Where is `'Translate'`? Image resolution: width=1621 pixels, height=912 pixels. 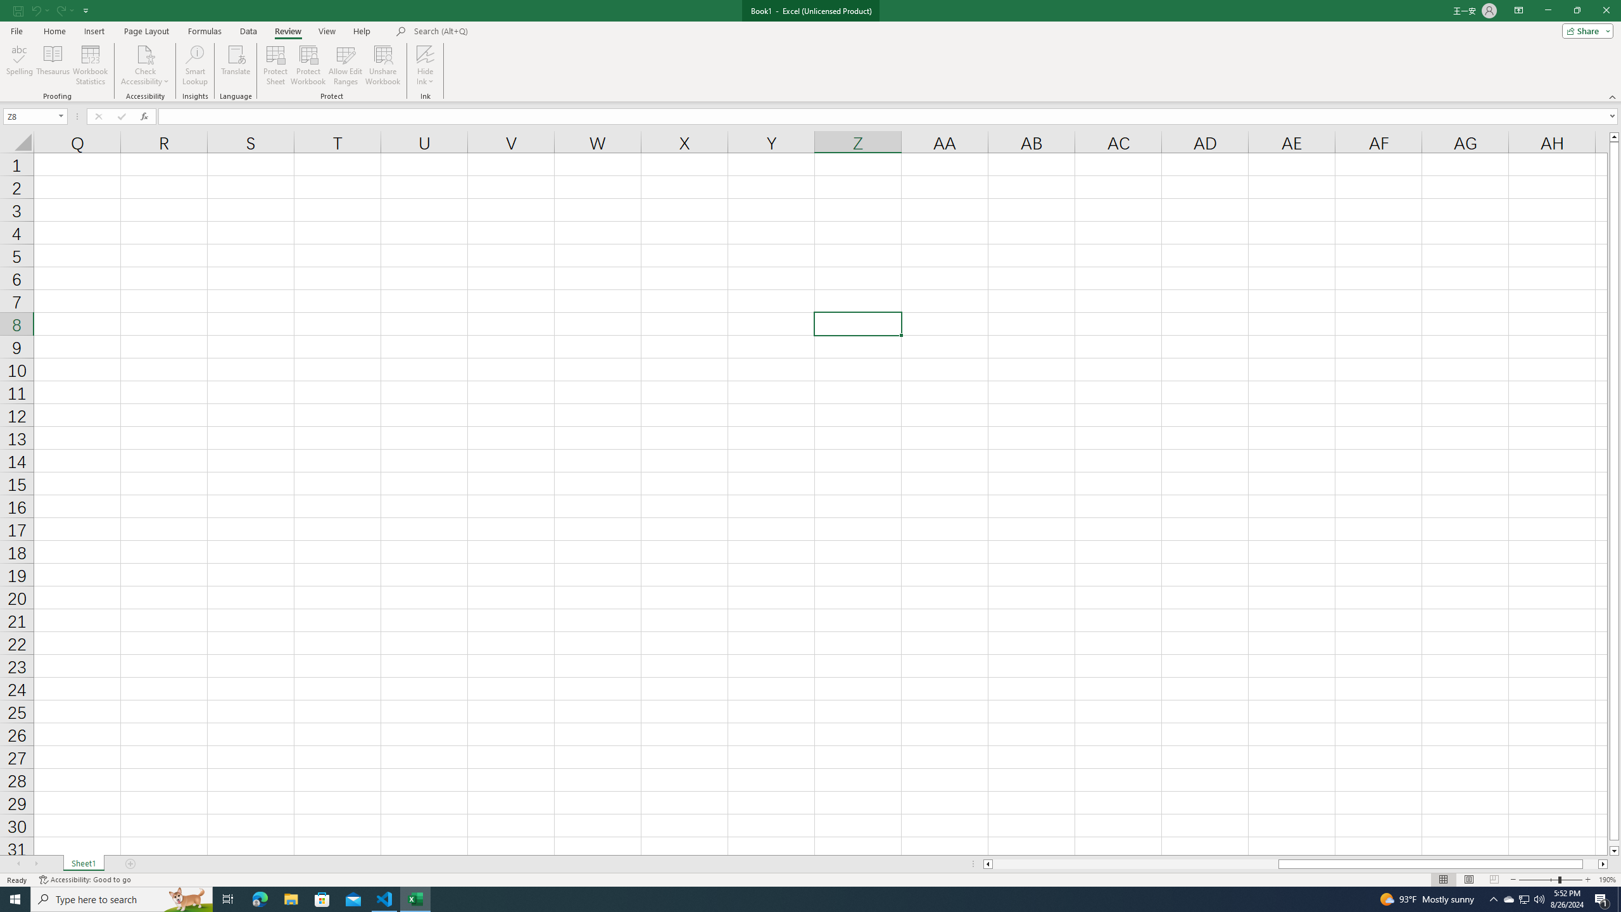 'Translate' is located at coordinates (235, 65).